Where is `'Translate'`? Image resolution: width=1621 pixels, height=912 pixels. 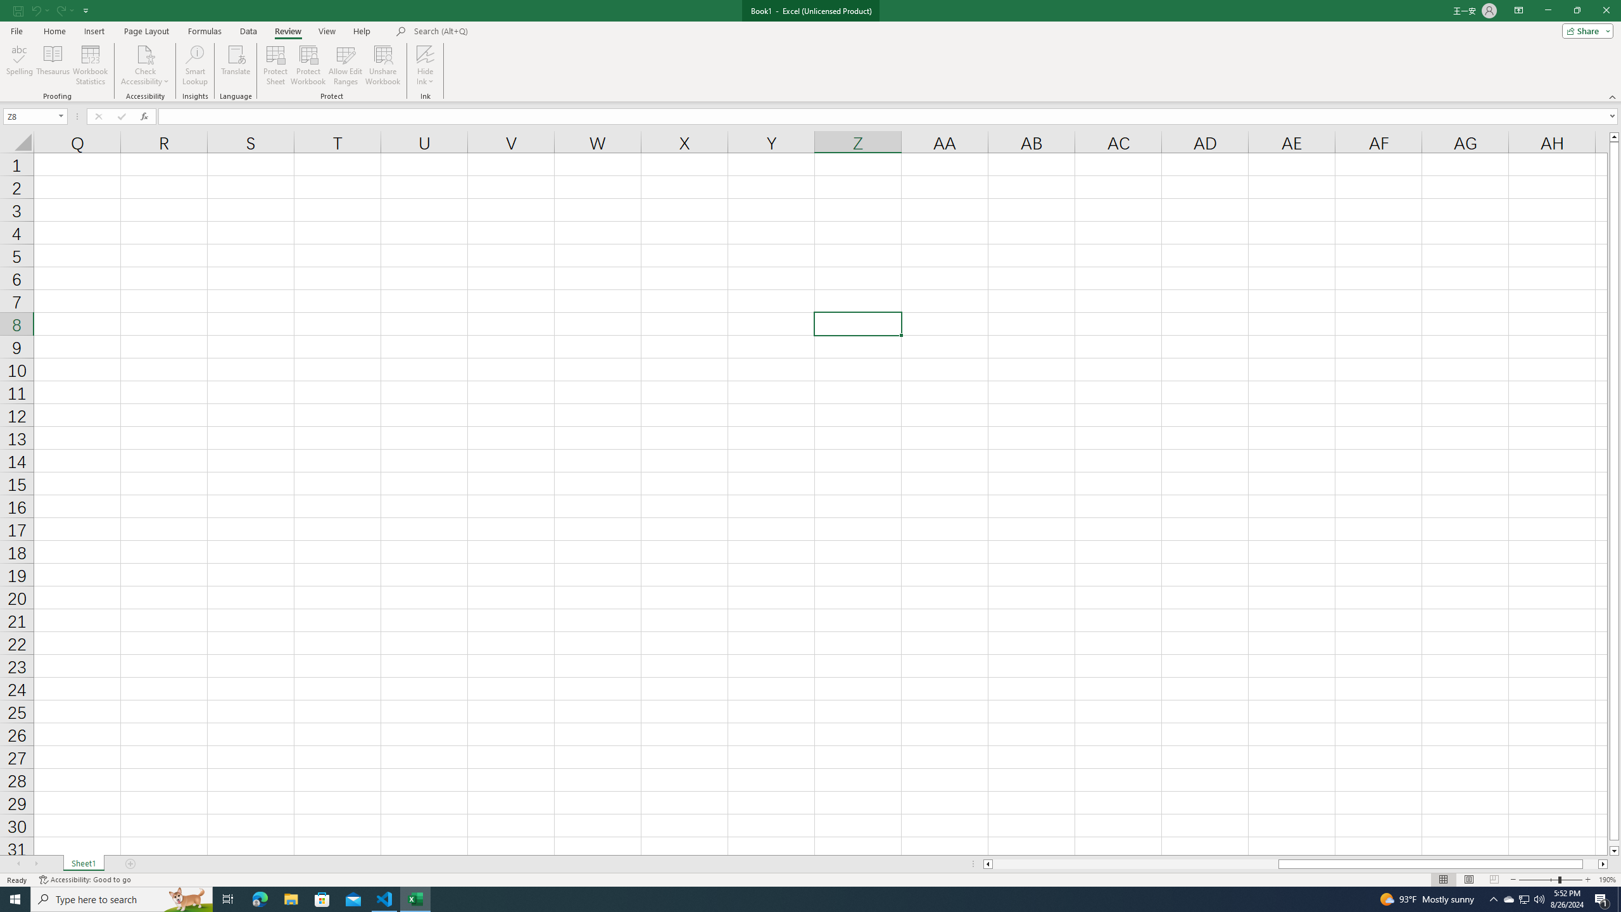 'Translate' is located at coordinates (235, 65).